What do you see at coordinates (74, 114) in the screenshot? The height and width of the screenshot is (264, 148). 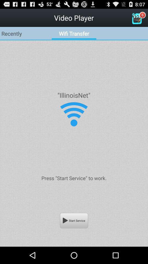 I see `upload or download media` at bounding box center [74, 114].